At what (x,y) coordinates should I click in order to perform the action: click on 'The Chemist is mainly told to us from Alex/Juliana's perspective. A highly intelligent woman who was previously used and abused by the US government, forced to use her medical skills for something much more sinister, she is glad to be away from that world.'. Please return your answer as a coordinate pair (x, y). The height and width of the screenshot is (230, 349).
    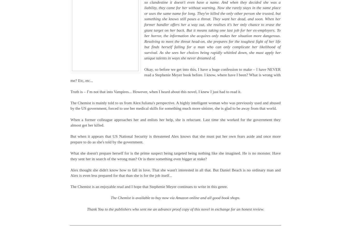
    Looking at the image, I should click on (175, 105).